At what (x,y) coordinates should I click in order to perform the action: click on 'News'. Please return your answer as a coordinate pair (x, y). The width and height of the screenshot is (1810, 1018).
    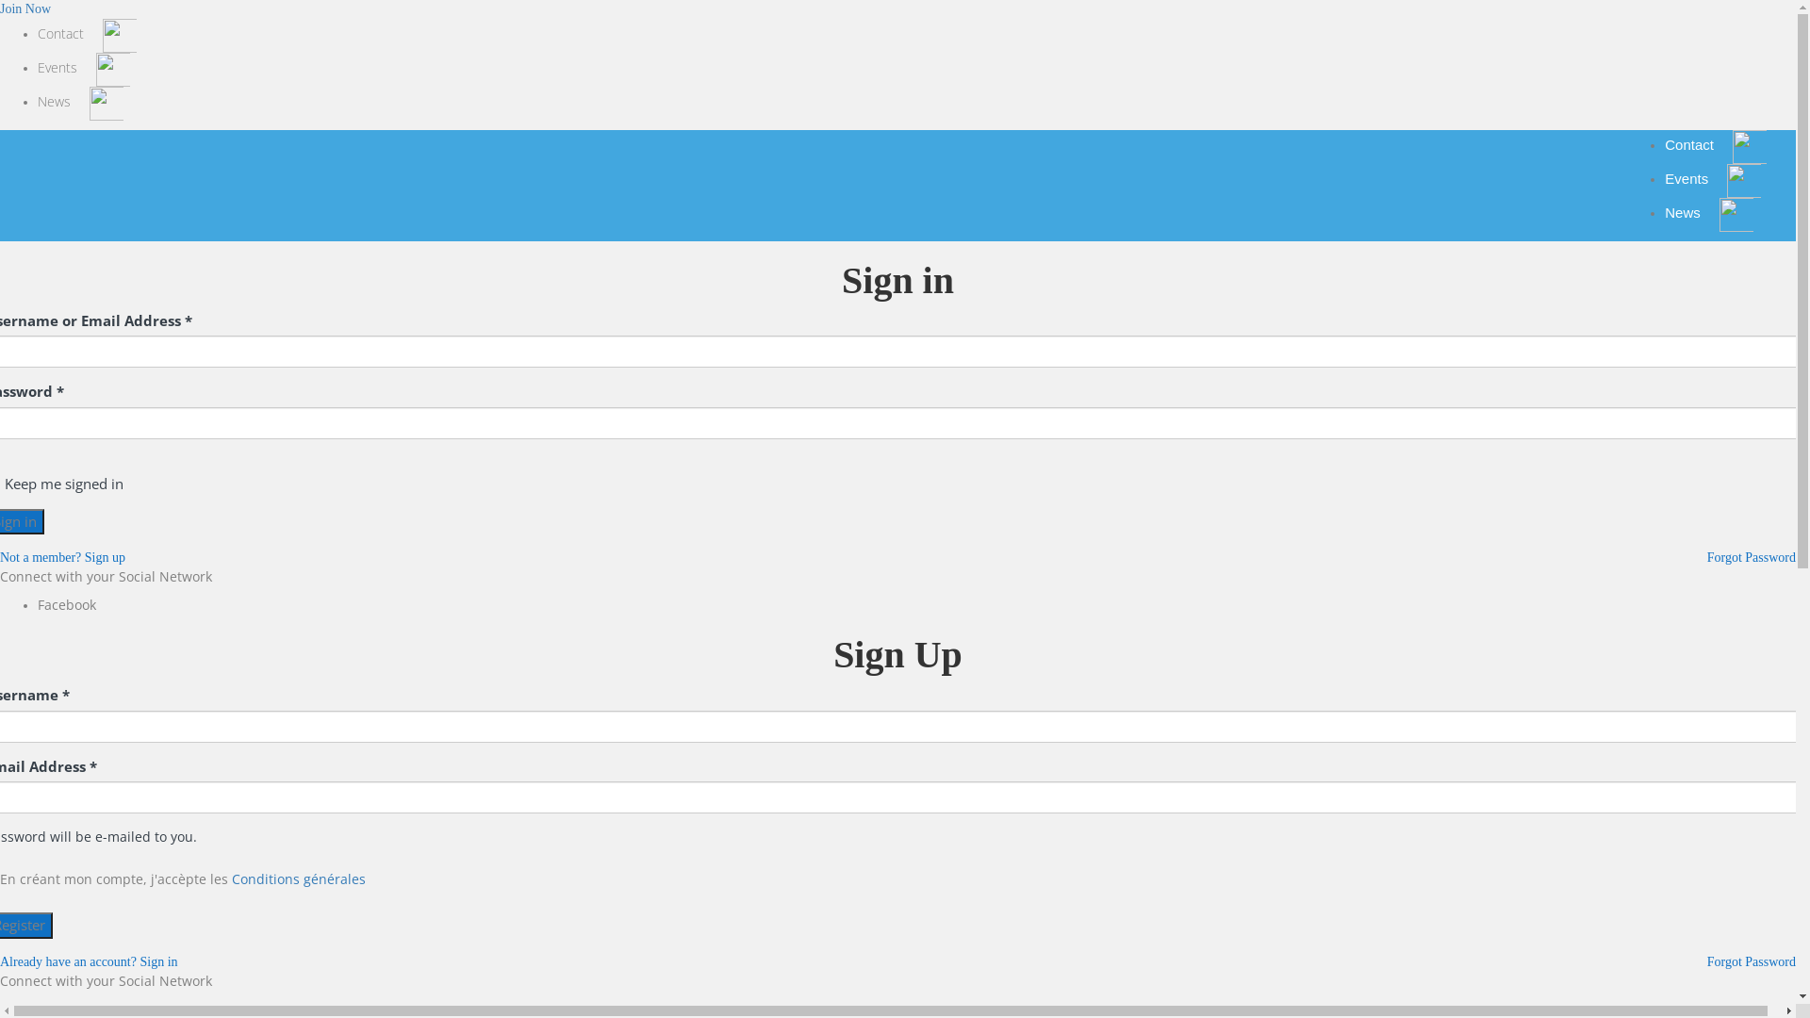
    Looking at the image, I should click on (37, 102).